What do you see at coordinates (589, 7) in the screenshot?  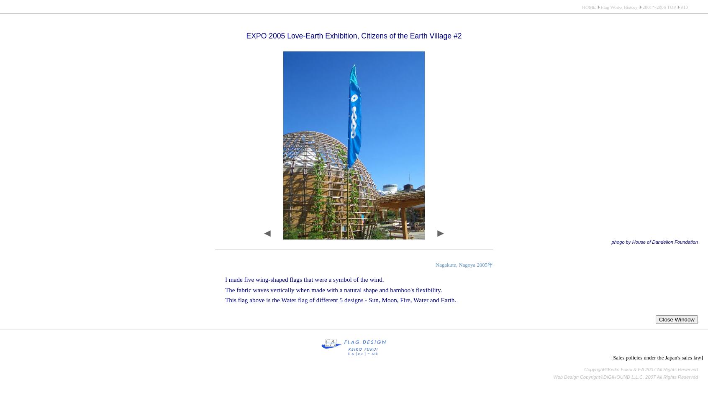 I see `'HOME'` at bounding box center [589, 7].